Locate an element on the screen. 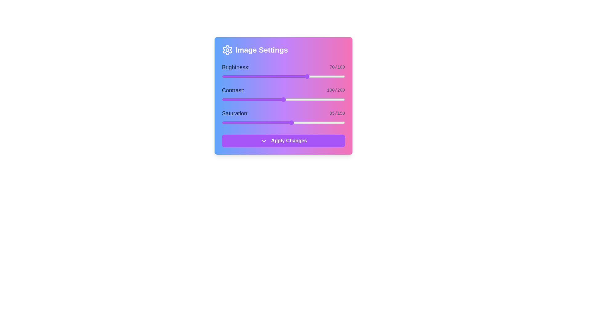 The width and height of the screenshot is (591, 332). the contrast slider to 103 value is located at coordinates (285, 99).